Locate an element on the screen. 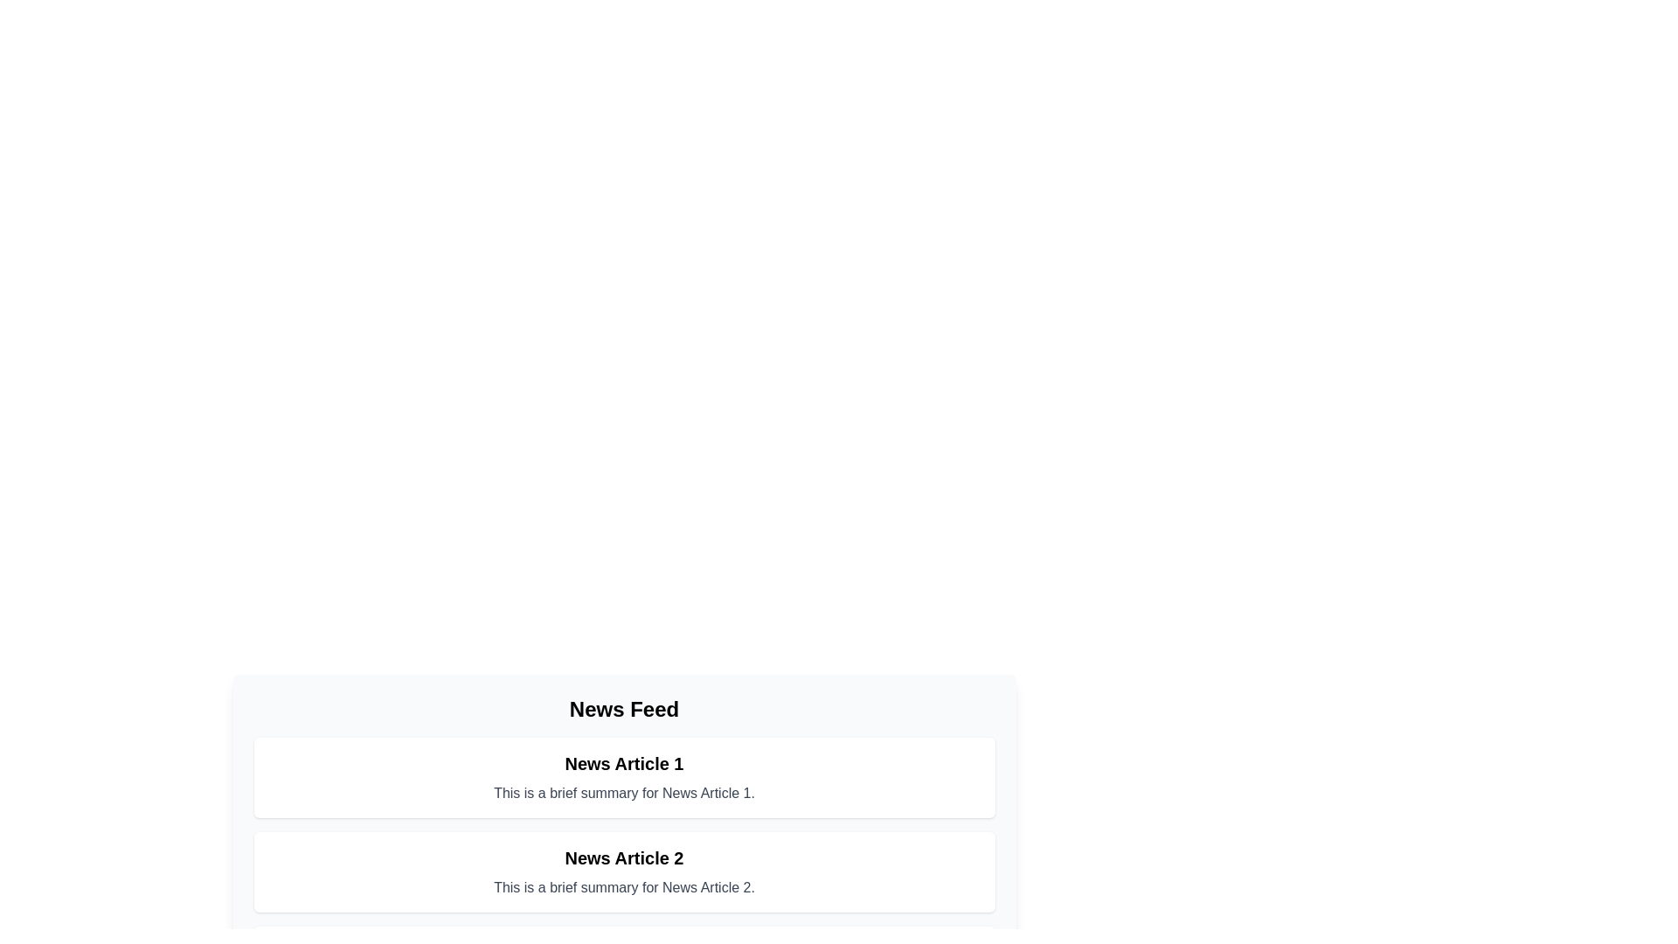 Image resolution: width=1678 pixels, height=944 pixels. the static text label that serves as a summary or description for the corresponding article, located directly below the title 'News Article 2' in the 'News Feed' interface is located at coordinates (624, 887).